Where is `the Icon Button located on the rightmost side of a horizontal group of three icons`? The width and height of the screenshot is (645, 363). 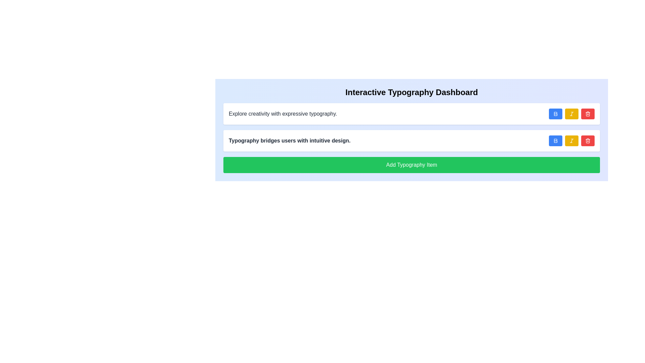
the Icon Button located on the rightmost side of a horizontal group of three icons is located at coordinates (588, 114).